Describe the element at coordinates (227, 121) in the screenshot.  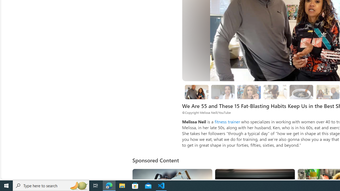
I see `'fitness trainer'` at that location.